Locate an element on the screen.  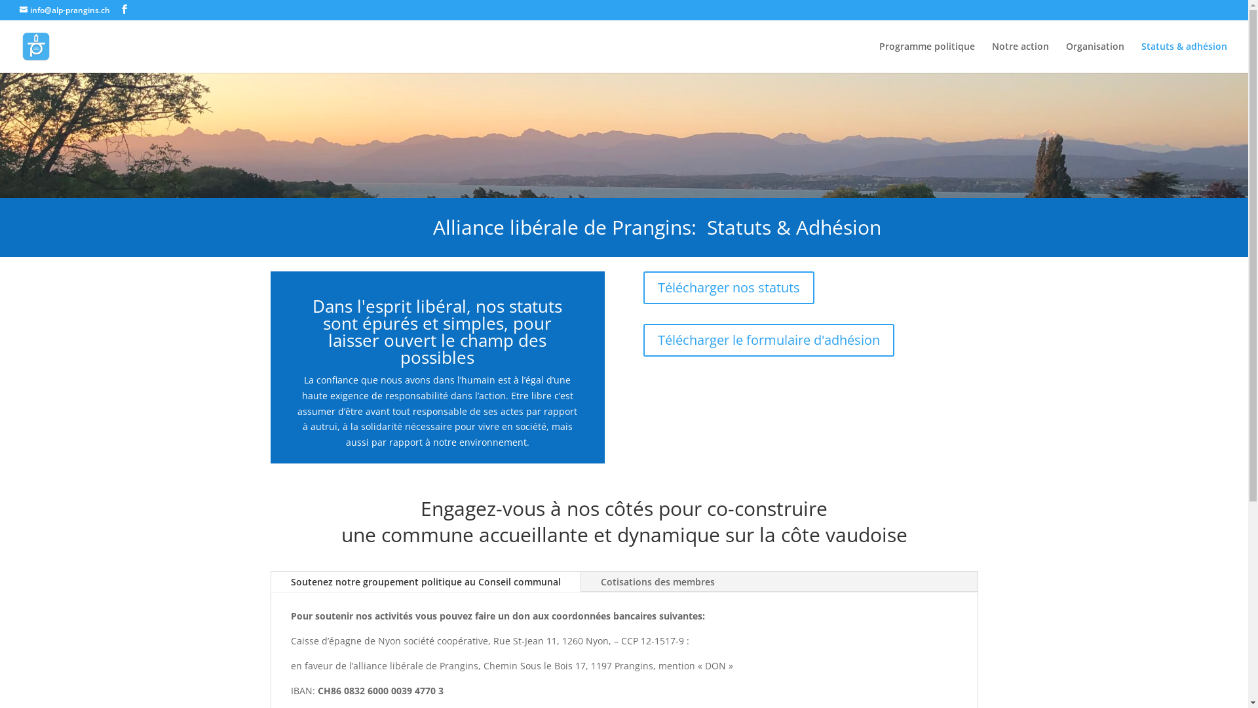
'Programme politique' is located at coordinates (926, 56).